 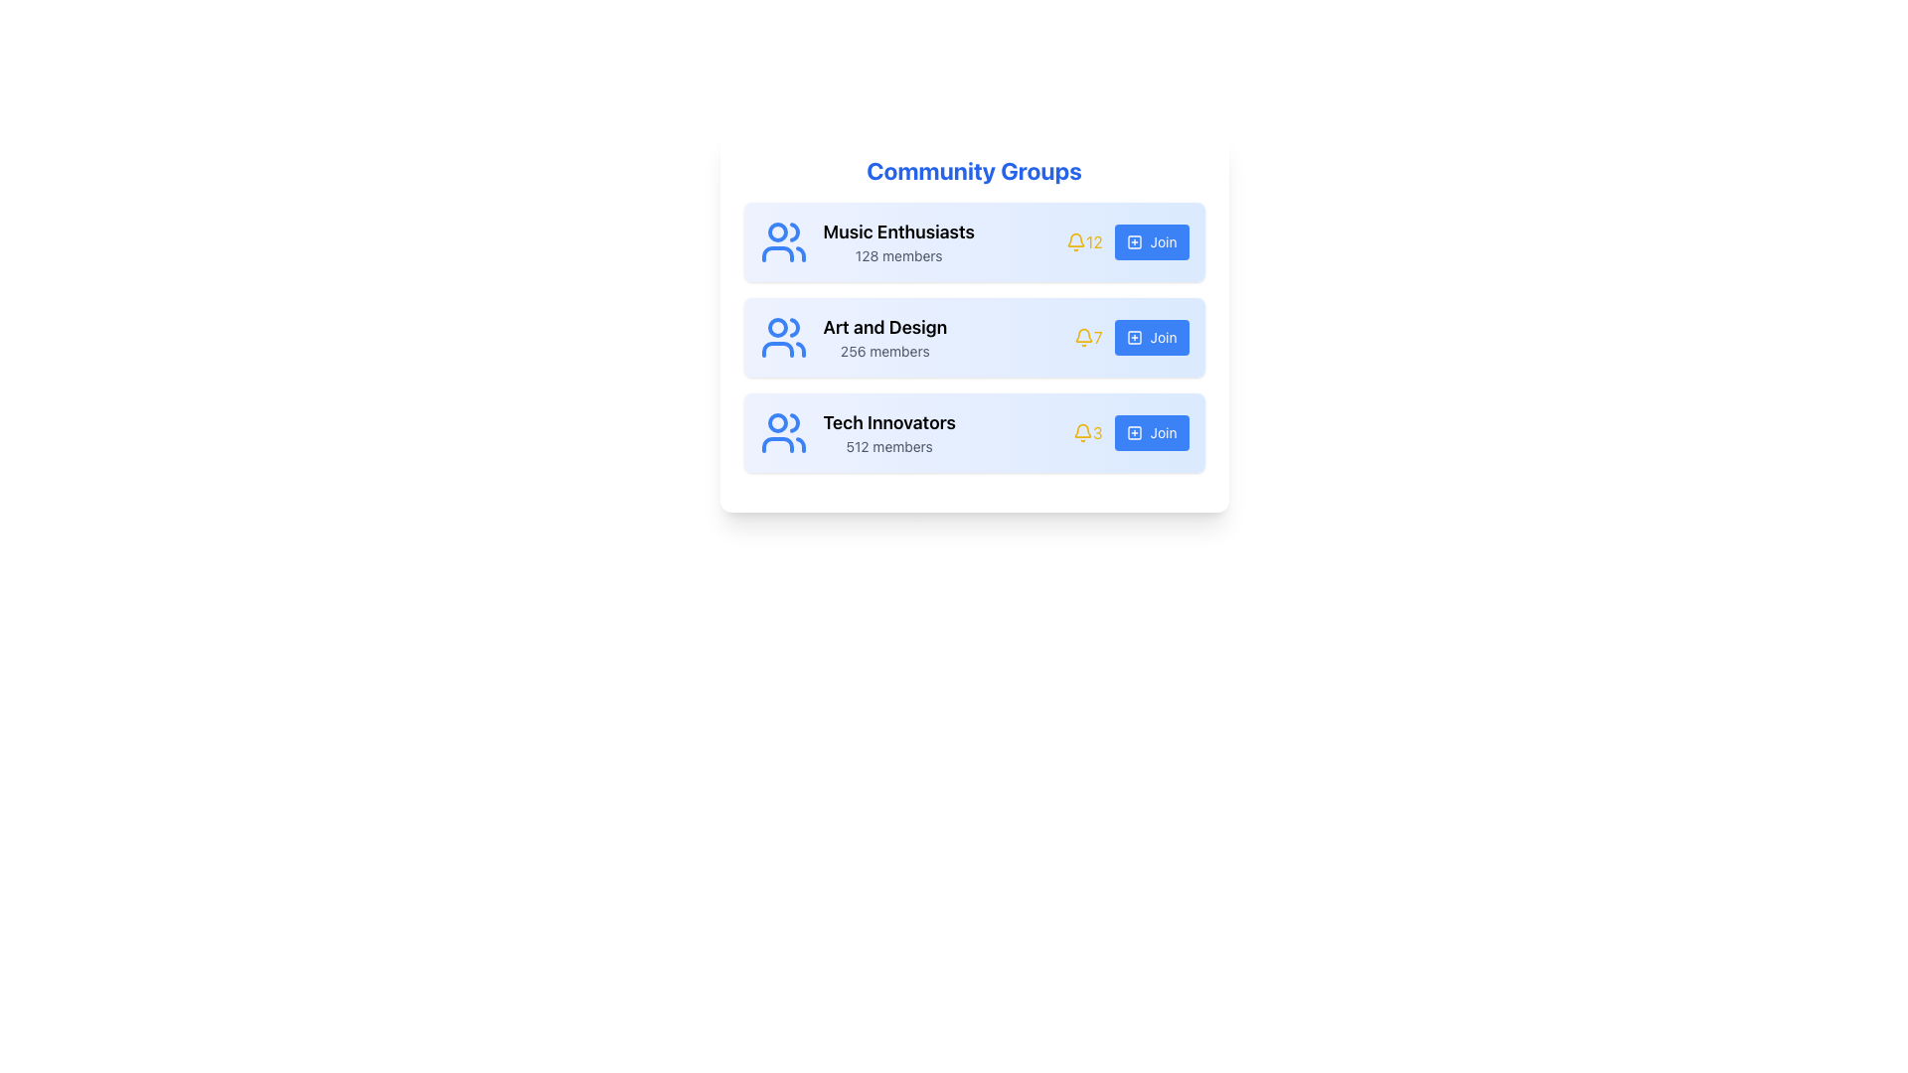 I want to click on the numeric text '7' which is styled in yellow, located next to the bell icon in the 'Community Groups' section, so click(x=1087, y=336).